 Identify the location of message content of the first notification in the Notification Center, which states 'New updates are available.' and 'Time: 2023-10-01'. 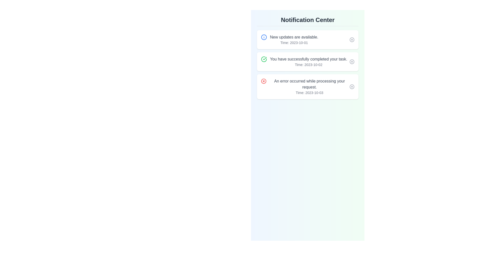
(289, 39).